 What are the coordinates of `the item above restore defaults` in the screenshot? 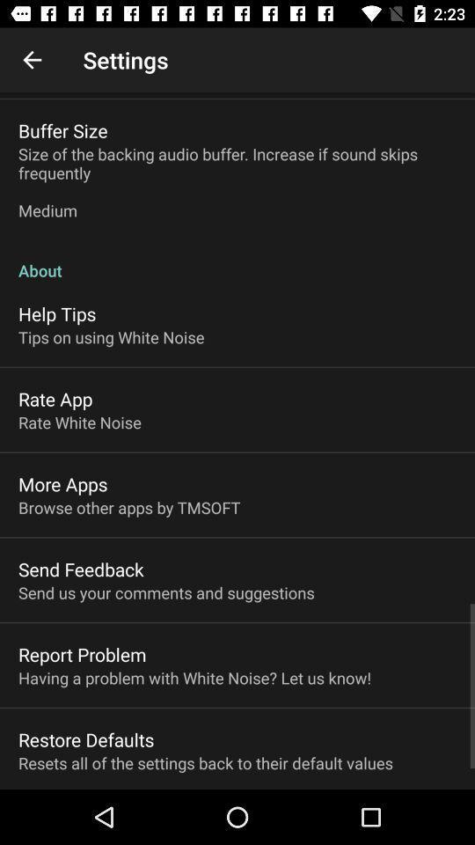 It's located at (194, 677).